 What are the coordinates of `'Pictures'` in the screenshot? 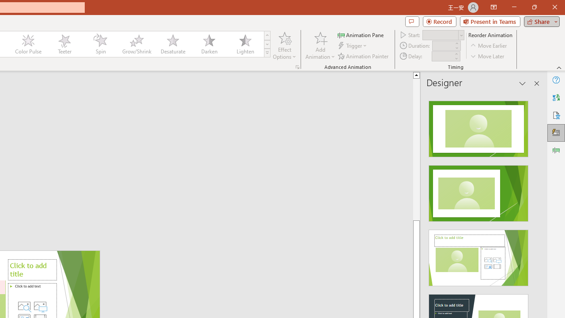 It's located at (40, 306).